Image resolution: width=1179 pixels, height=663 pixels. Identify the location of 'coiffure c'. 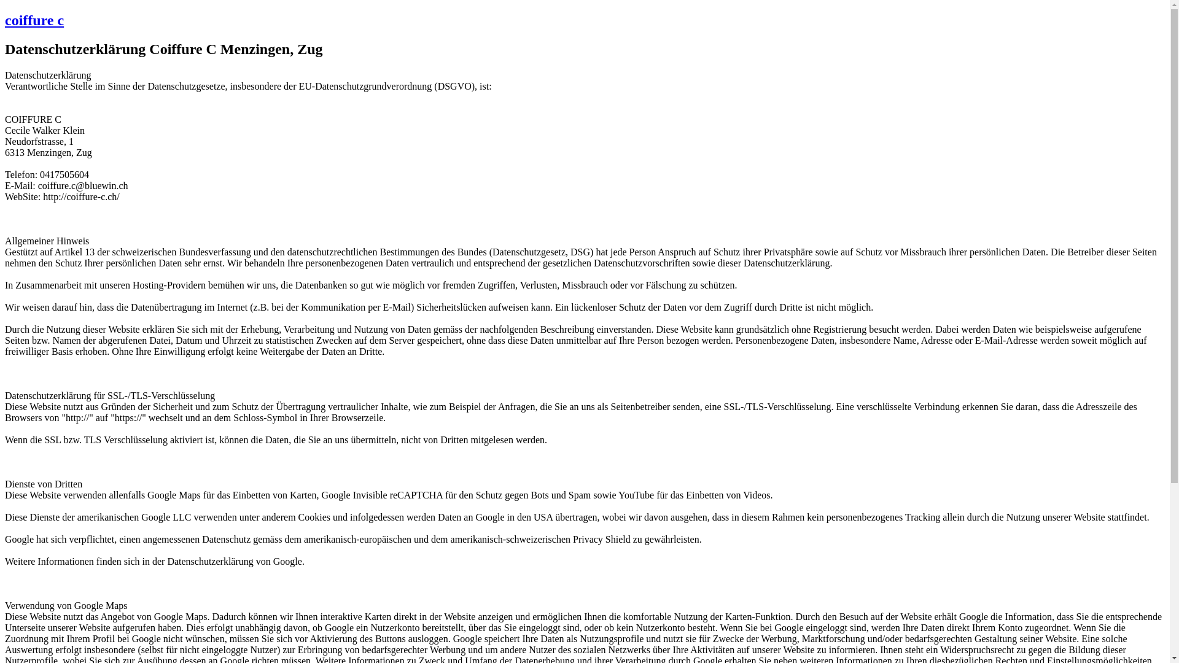
(34, 20).